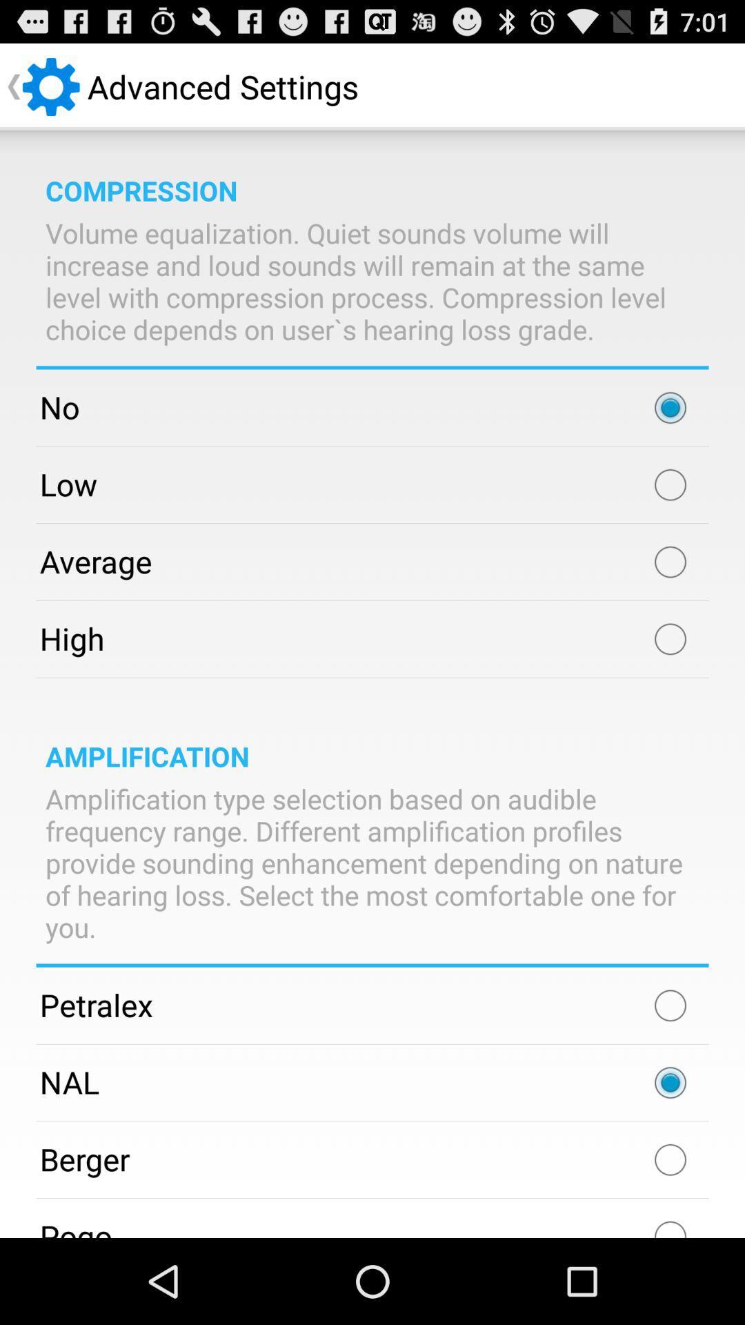  Describe the element at coordinates (670, 1159) in the screenshot. I see `item next to berger` at that location.